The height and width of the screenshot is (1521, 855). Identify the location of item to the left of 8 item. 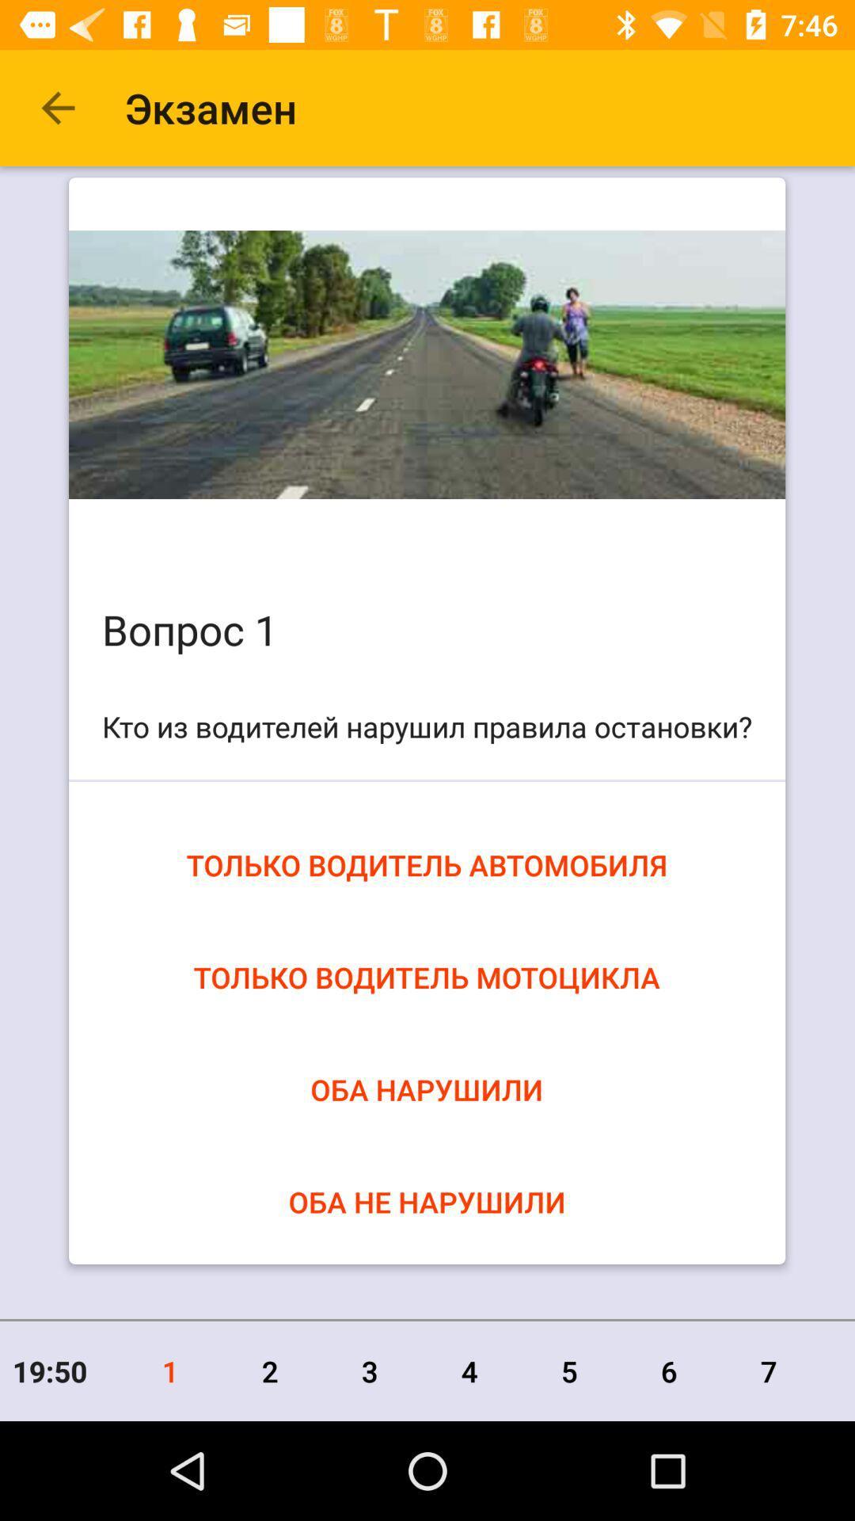
(768, 1370).